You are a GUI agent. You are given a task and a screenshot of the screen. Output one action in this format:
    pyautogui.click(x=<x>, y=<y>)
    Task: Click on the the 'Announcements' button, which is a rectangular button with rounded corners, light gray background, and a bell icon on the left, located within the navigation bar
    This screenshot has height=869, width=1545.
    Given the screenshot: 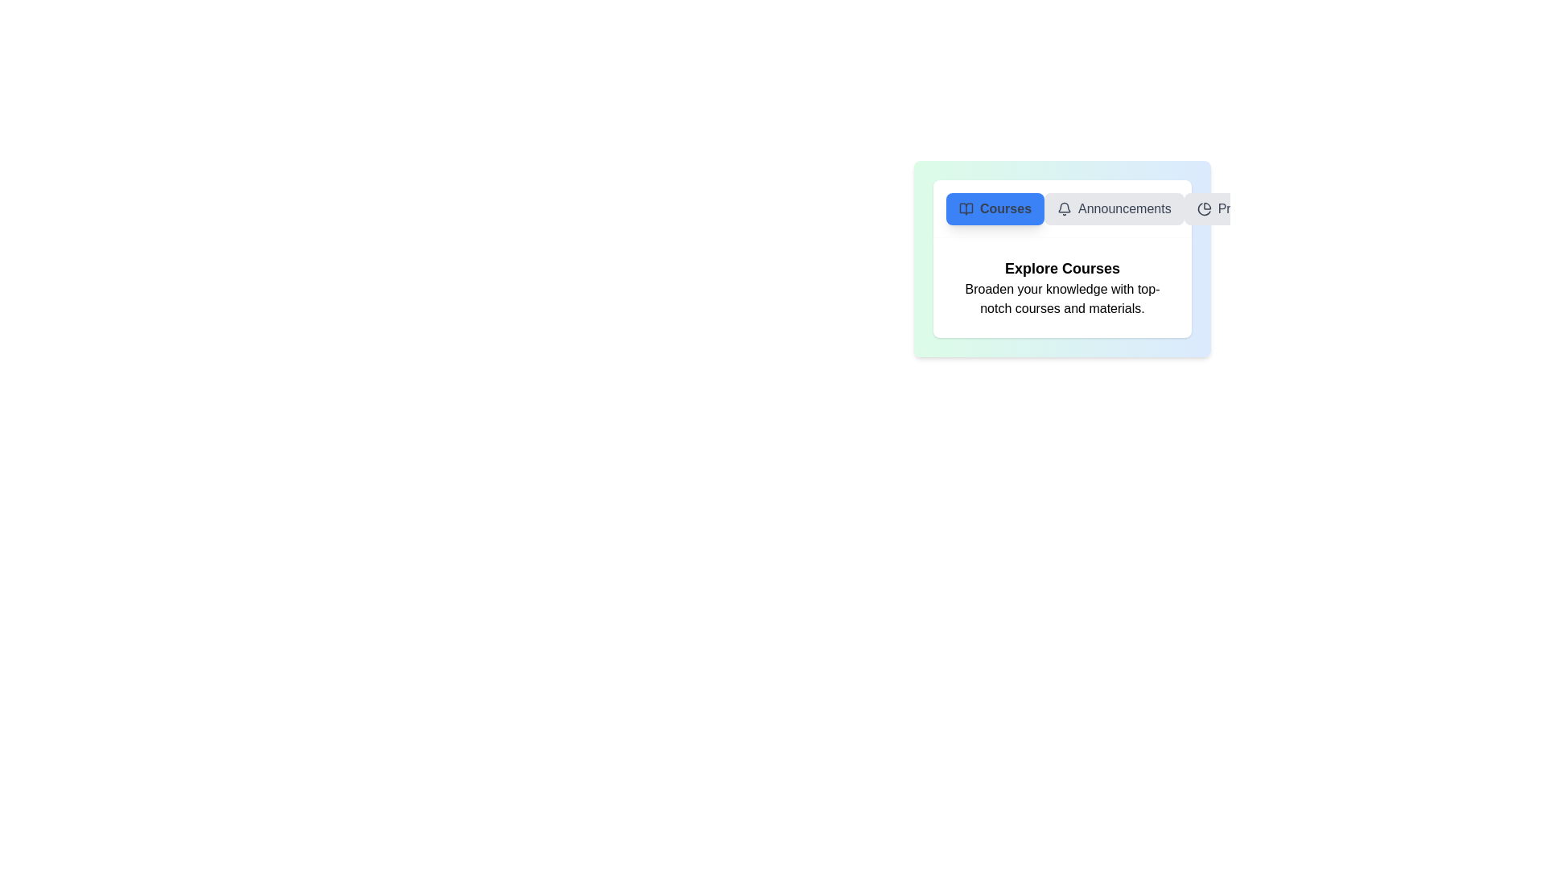 What is the action you would take?
    pyautogui.click(x=1113, y=208)
    